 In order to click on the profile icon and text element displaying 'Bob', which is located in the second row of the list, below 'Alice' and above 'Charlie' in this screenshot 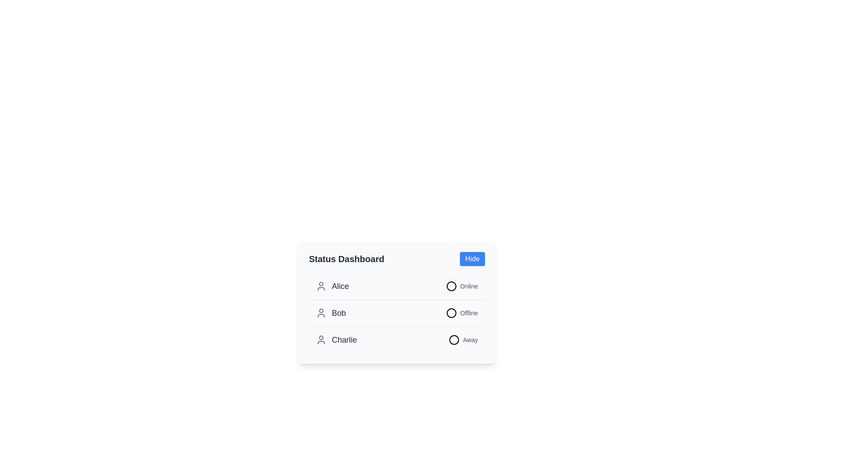, I will do `click(331, 313)`.